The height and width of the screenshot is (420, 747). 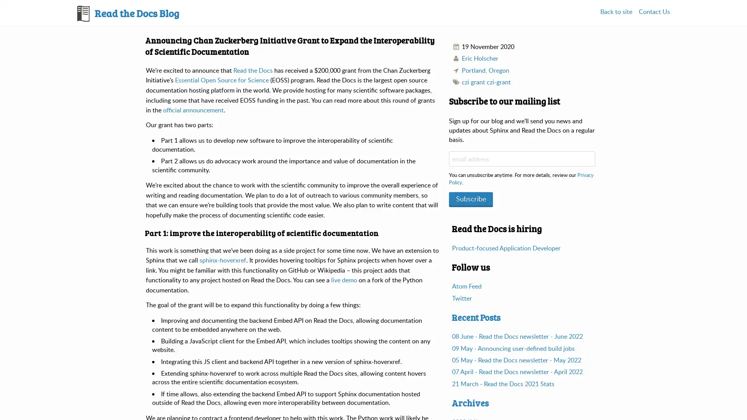 I want to click on Subscribe, so click(x=470, y=198).